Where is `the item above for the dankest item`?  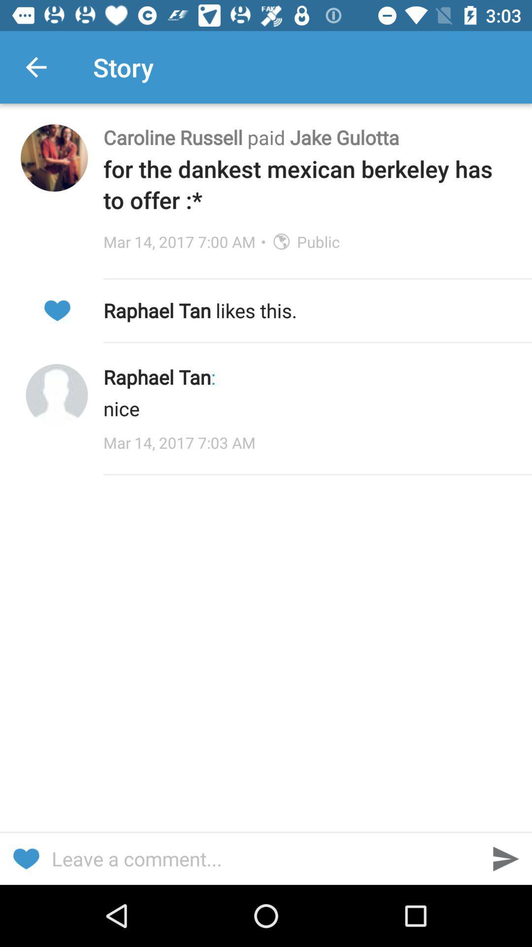
the item above for the dankest item is located at coordinates (307, 137).